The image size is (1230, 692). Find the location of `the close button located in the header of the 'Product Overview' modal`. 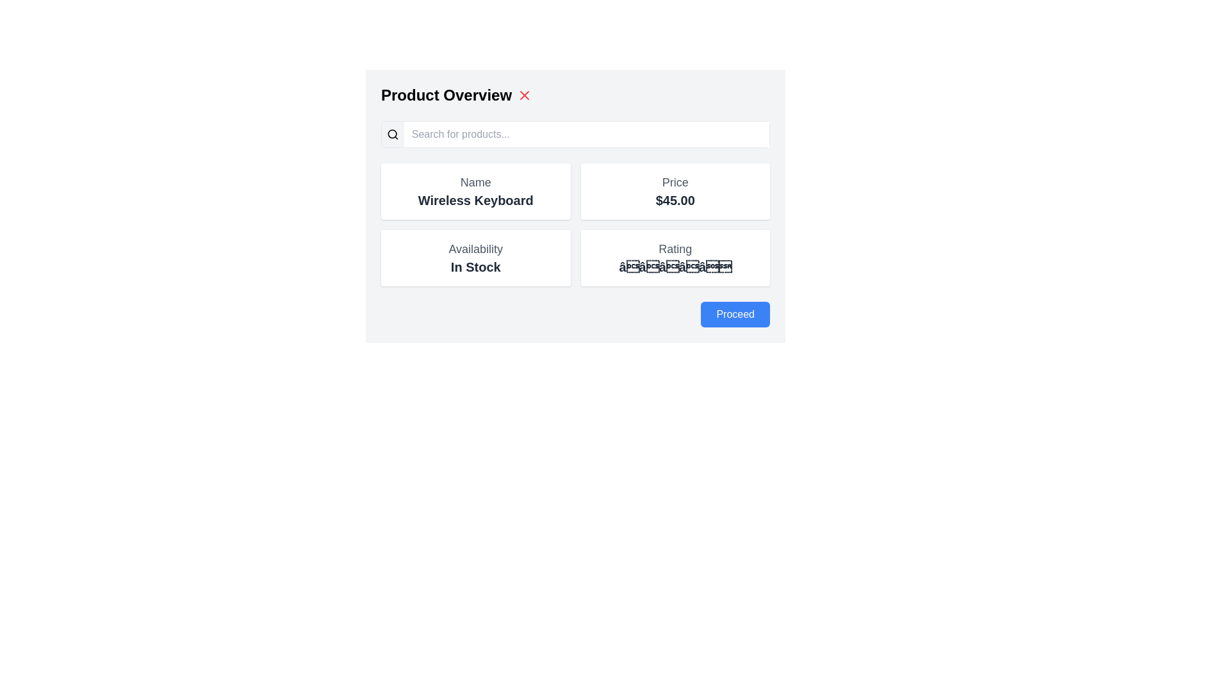

the close button located in the header of the 'Product Overview' modal is located at coordinates (525, 95).